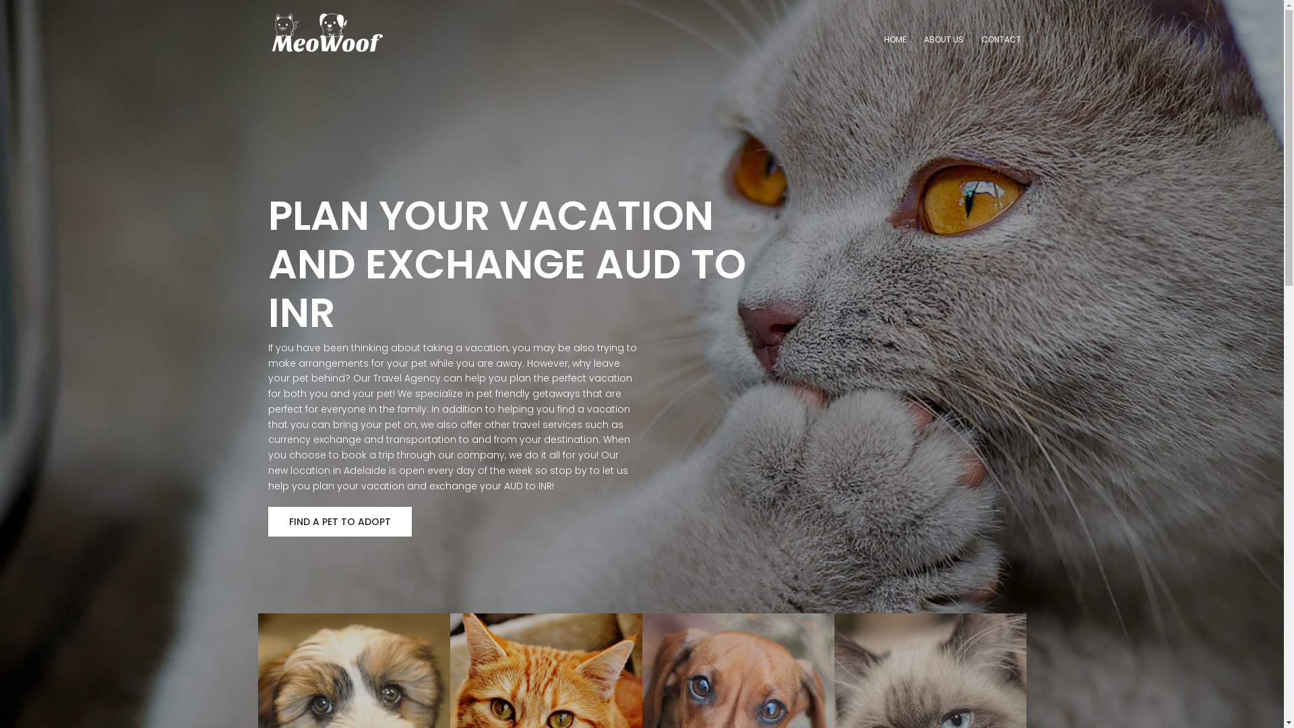 Image resolution: width=1294 pixels, height=728 pixels. Describe the element at coordinates (1001, 39) in the screenshot. I see `'CONTACT'` at that location.